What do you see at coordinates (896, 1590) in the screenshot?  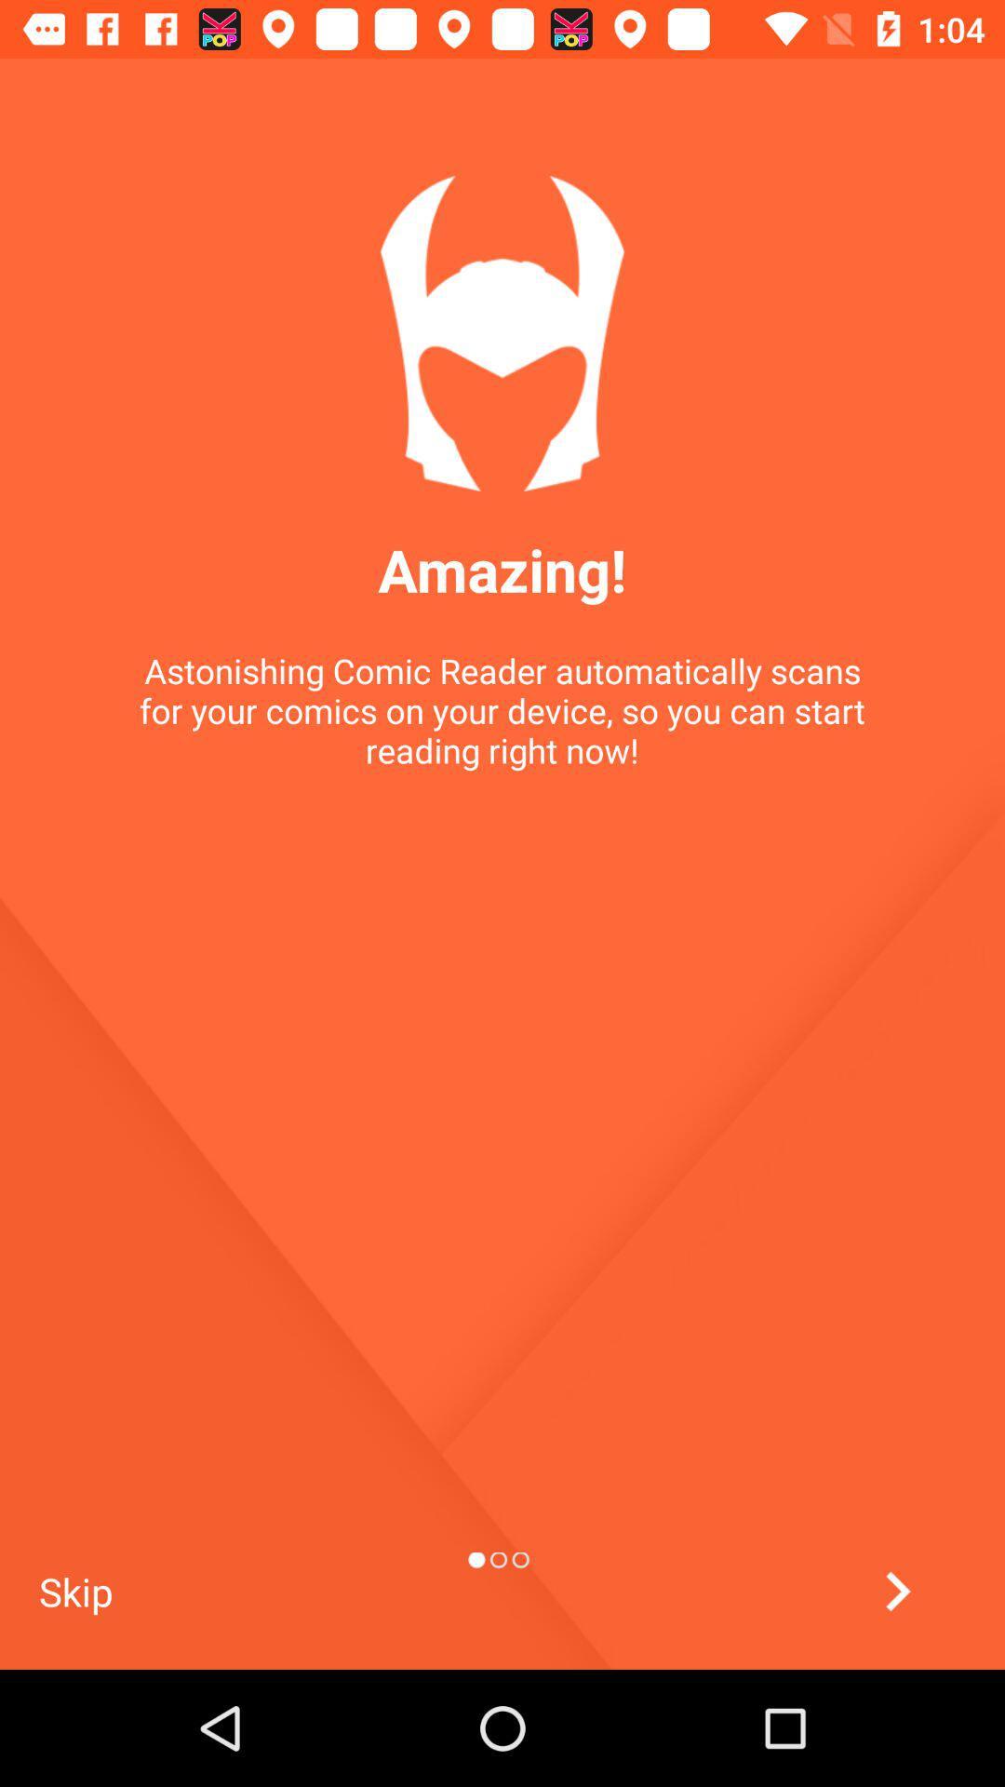 I see `to go prerivous` at bounding box center [896, 1590].